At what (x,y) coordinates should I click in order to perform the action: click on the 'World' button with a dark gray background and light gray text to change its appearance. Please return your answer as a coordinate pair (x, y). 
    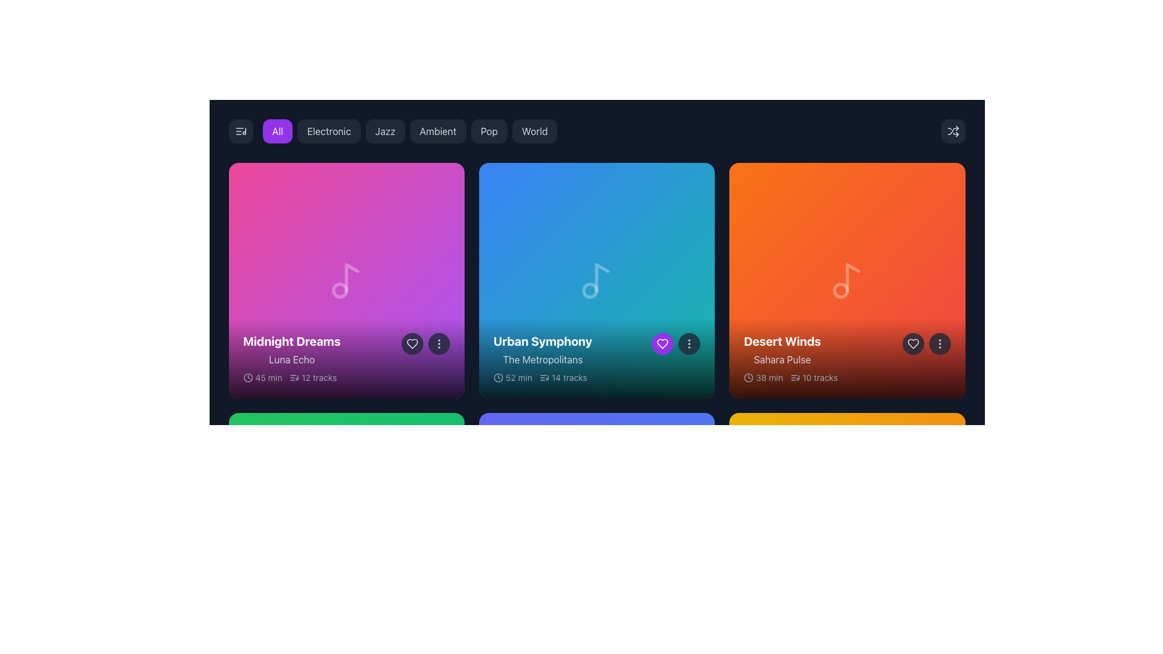
    Looking at the image, I should click on (534, 131).